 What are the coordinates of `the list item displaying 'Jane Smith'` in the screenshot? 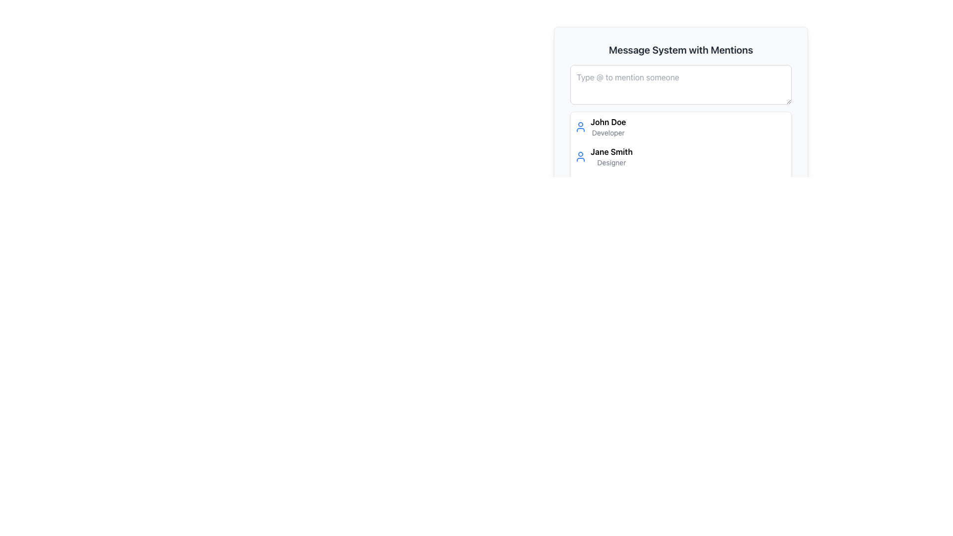 It's located at (681, 156).